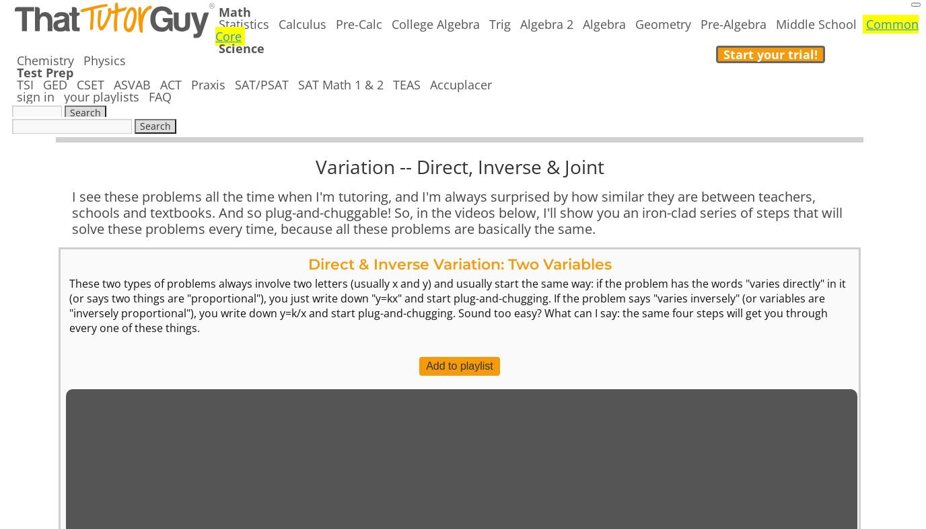 Image resolution: width=926 pixels, height=529 pixels. Describe the element at coordinates (234, 11) in the screenshot. I see `'Math'` at that location.